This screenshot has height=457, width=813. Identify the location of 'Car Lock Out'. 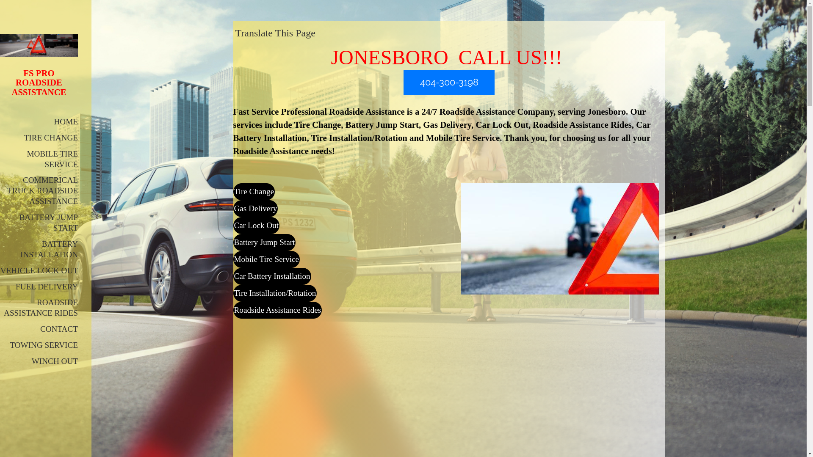
(255, 225).